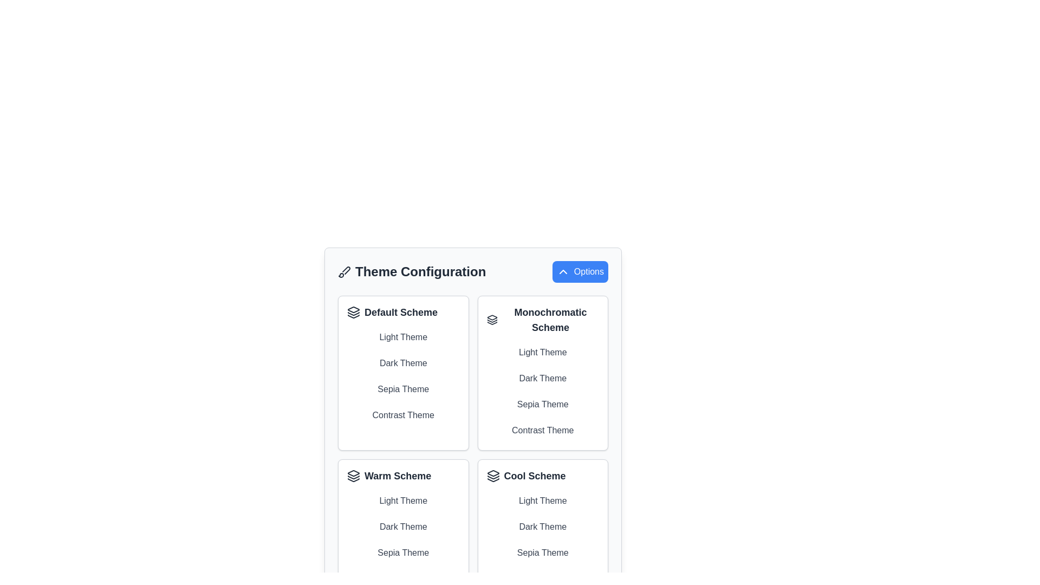 The height and width of the screenshot is (585, 1040). What do you see at coordinates (402, 375) in the screenshot?
I see `the middle vertical list item in the 'Default Scheme' section of the 'Theme Configuration' panel` at bounding box center [402, 375].